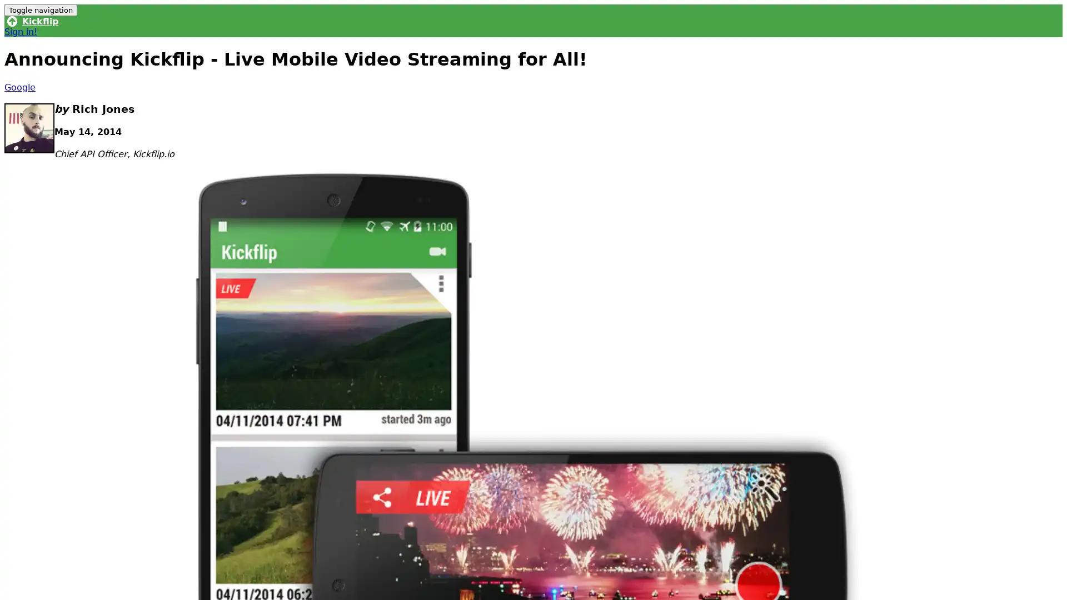 The width and height of the screenshot is (1067, 600). Describe the element at coordinates (41, 10) in the screenshot. I see `Toggle navigation` at that location.